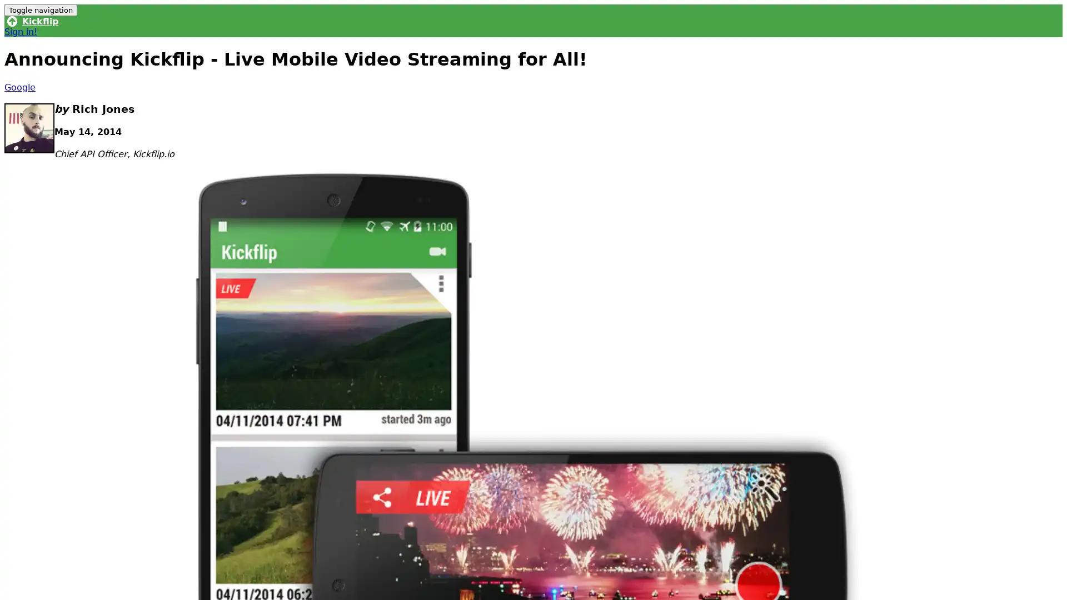 The width and height of the screenshot is (1067, 600). Describe the element at coordinates (41, 10) in the screenshot. I see `Toggle navigation` at that location.